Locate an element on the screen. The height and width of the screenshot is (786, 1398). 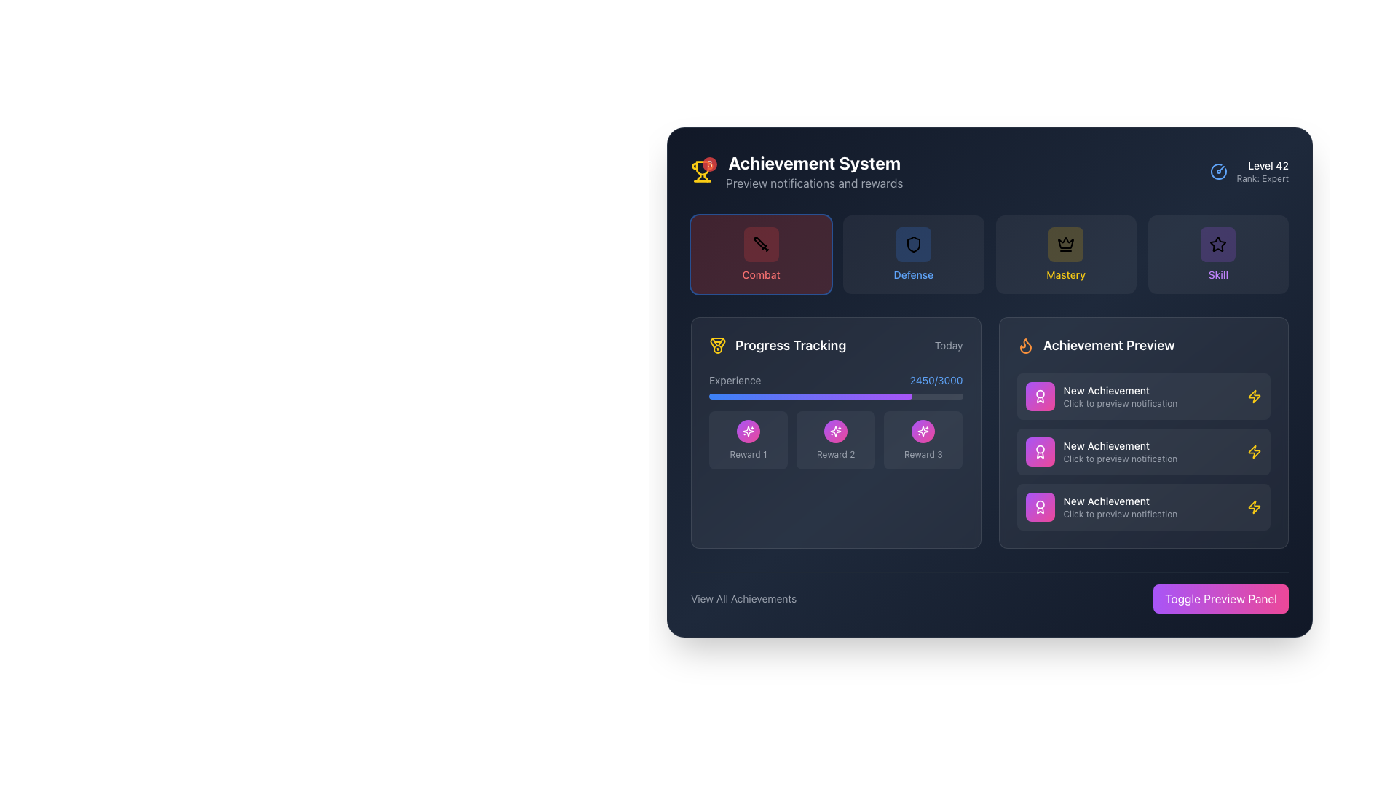
the text block displaying 'New Achievement' and 'Click to preview notification' in the Achievement Preview section is located at coordinates (1150, 507).